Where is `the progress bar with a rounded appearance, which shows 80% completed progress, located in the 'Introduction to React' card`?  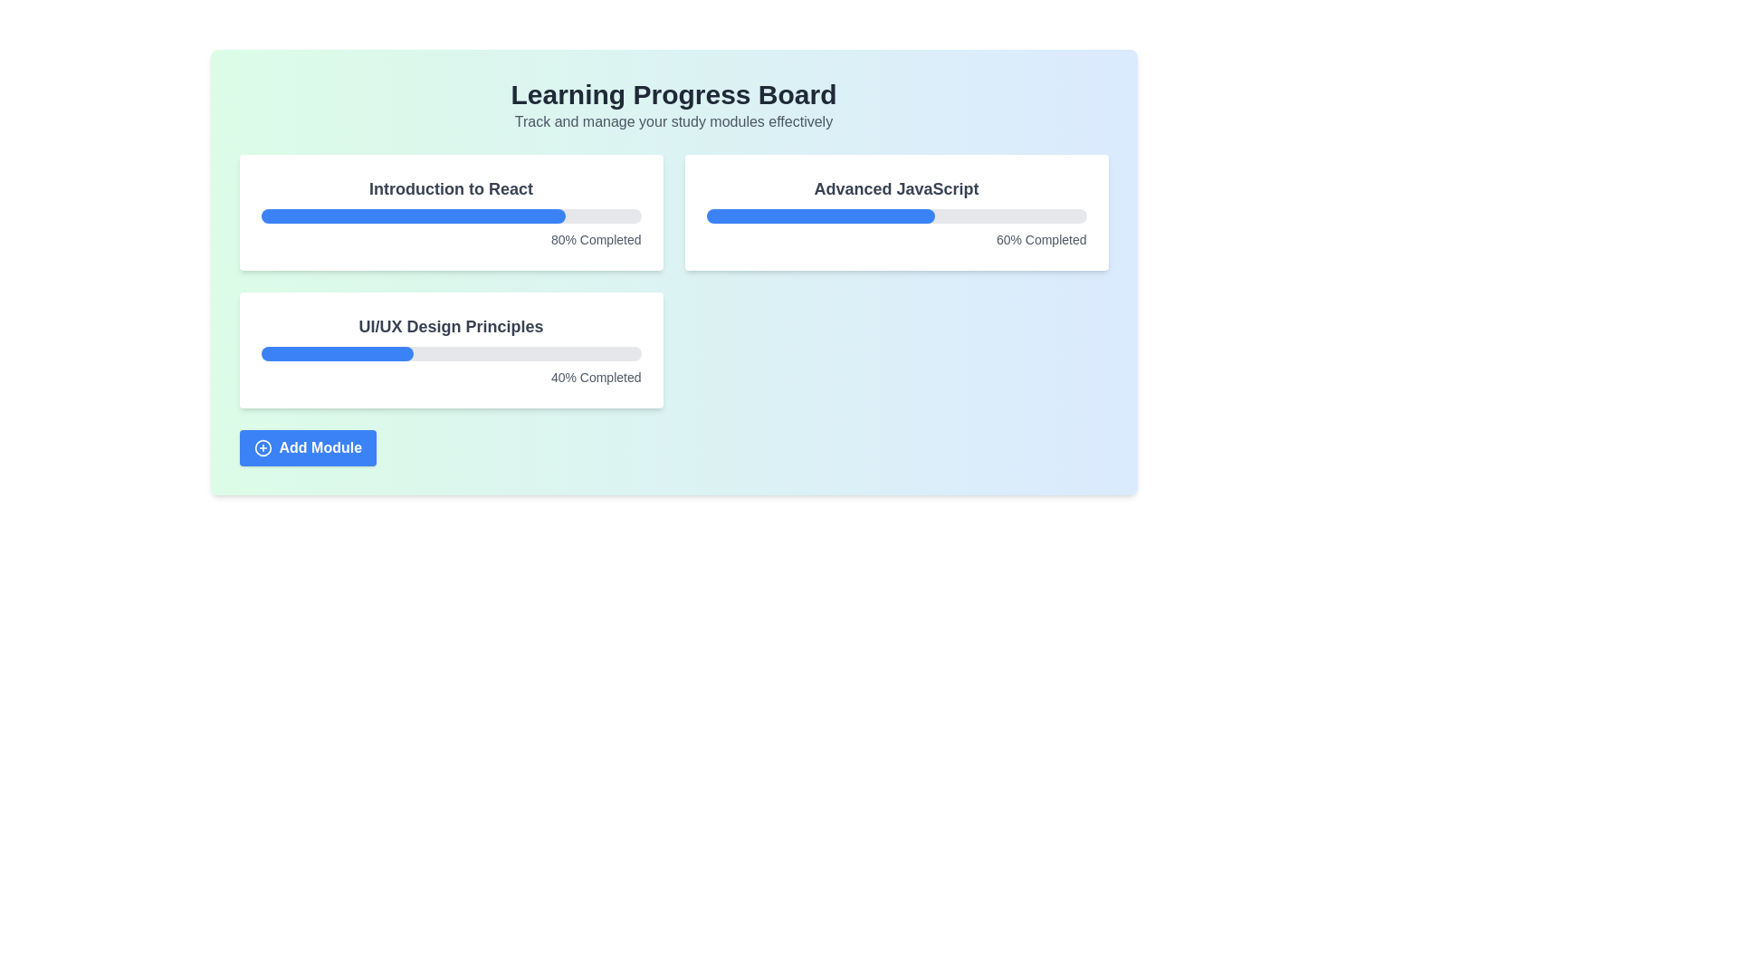
the progress bar with a rounded appearance, which shows 80% completed progress, located in the 'Introduction to React' card is located at coordinates (451, 216).